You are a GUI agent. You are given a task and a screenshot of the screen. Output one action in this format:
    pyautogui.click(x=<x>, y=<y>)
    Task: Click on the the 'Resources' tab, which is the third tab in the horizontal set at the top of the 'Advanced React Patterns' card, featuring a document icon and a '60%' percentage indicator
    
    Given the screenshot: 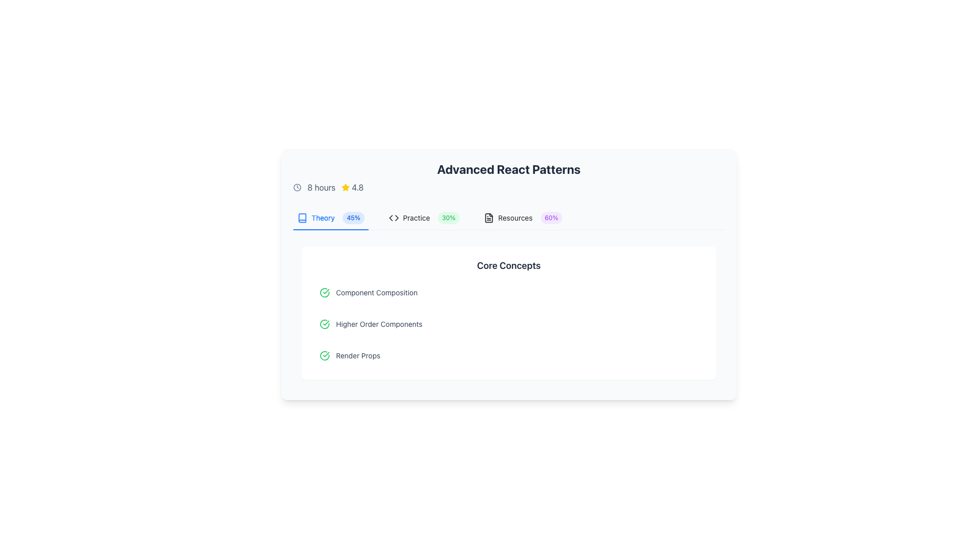 What is the action you would take?
    pyautogui.click(x=523, y=217)
    